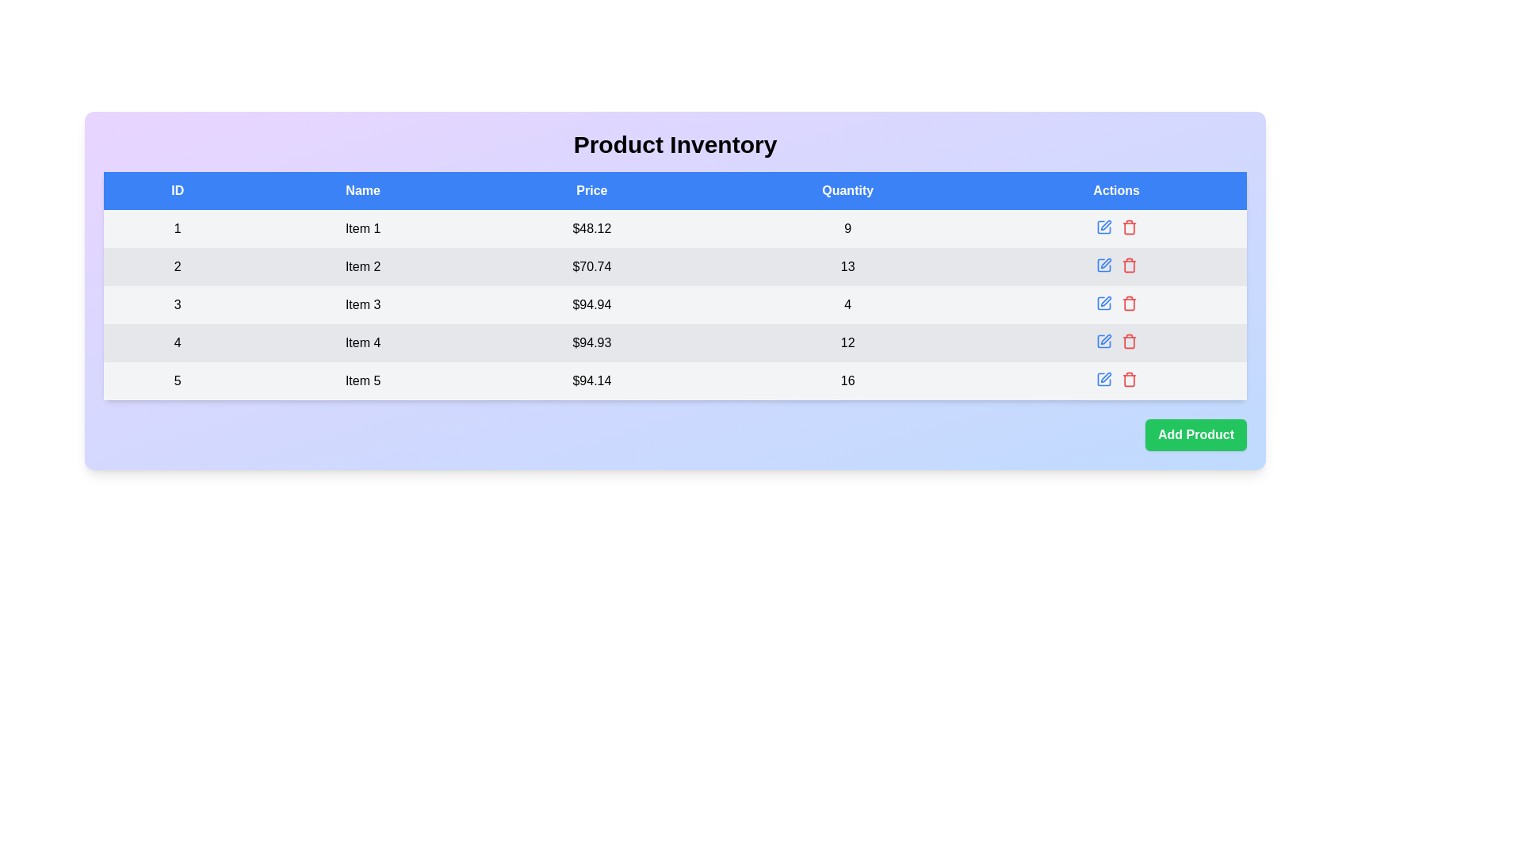 This screenshot has width=1522, height=856. Describe the element at coordinates (1103, 379) in the screenshot. I see `the blue-colored edit icon styled as a pencil located in the last row of the data table under the 'Actions' column` at that location.